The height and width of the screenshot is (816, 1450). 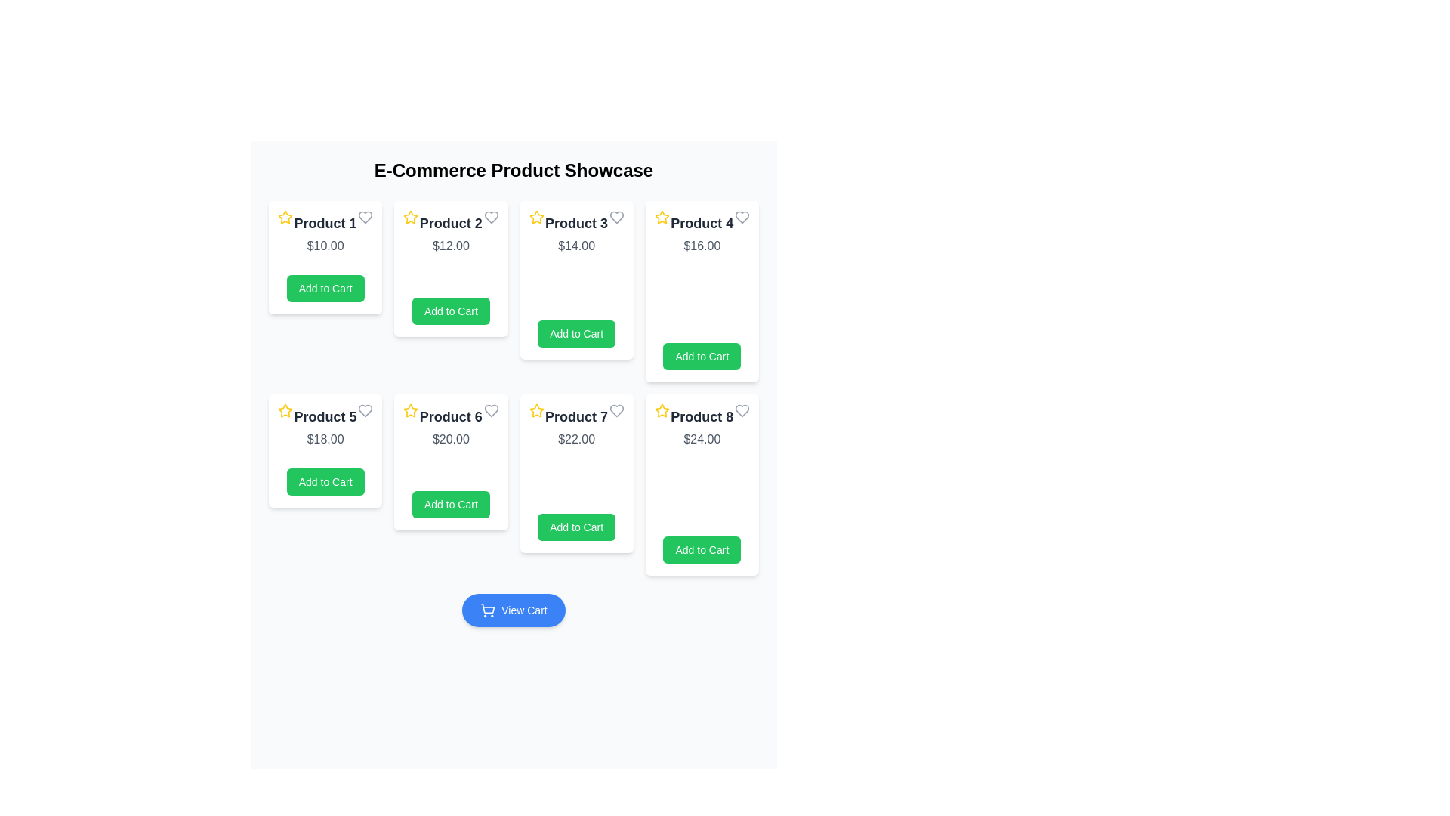 I want to click on the heart icon in the top-right area of the 'Product 7' card to favorite the product, so click(x=616, y=410).